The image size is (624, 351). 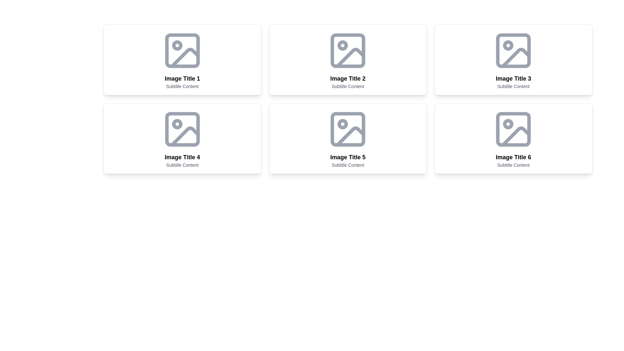 I want to click on the card that visually represents an item with an image and description, located as the second item in the top row of a grid layout, so click(x=347, y=60).